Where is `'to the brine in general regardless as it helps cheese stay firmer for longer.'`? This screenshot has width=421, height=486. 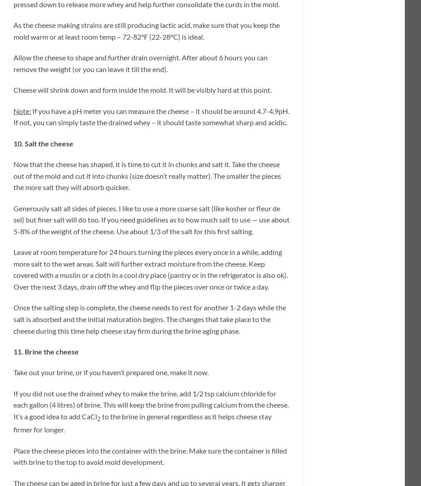
'to the brine in general regardless as it helps cheese stay firmer for longer.' is located at coordinates (142, 422).